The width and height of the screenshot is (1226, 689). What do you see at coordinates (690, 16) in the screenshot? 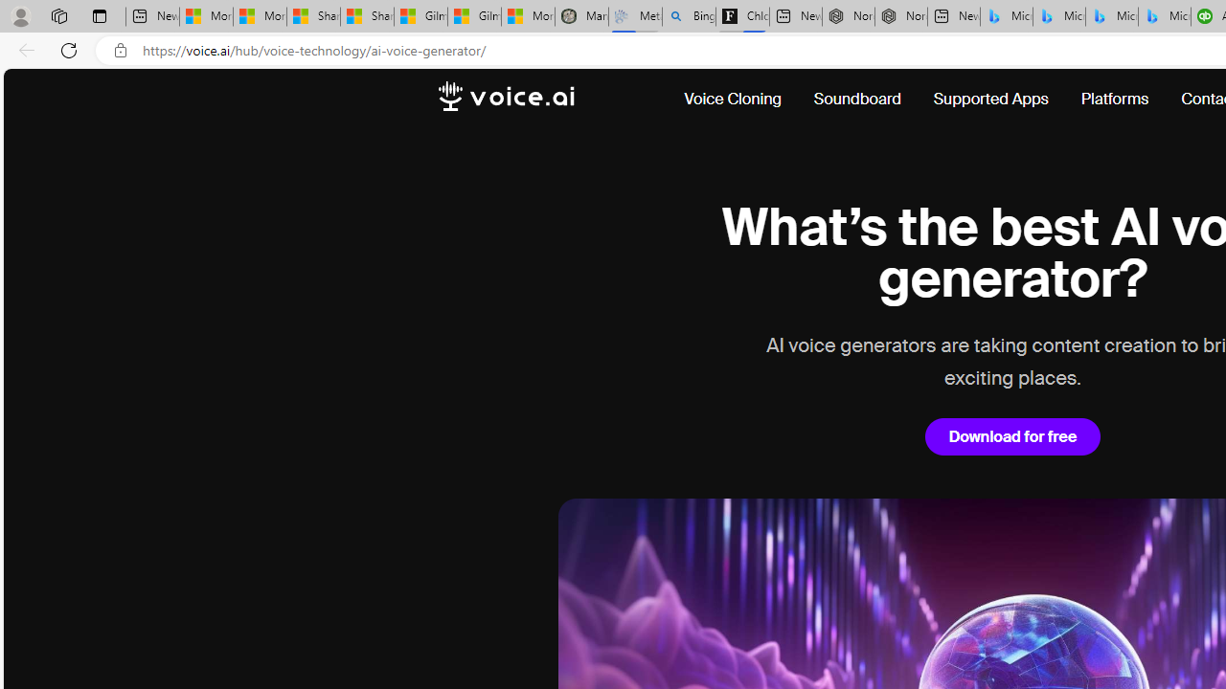
I see `'Bing Real Estate - Home sales and rental listings'` at bounding box center [690, 16].